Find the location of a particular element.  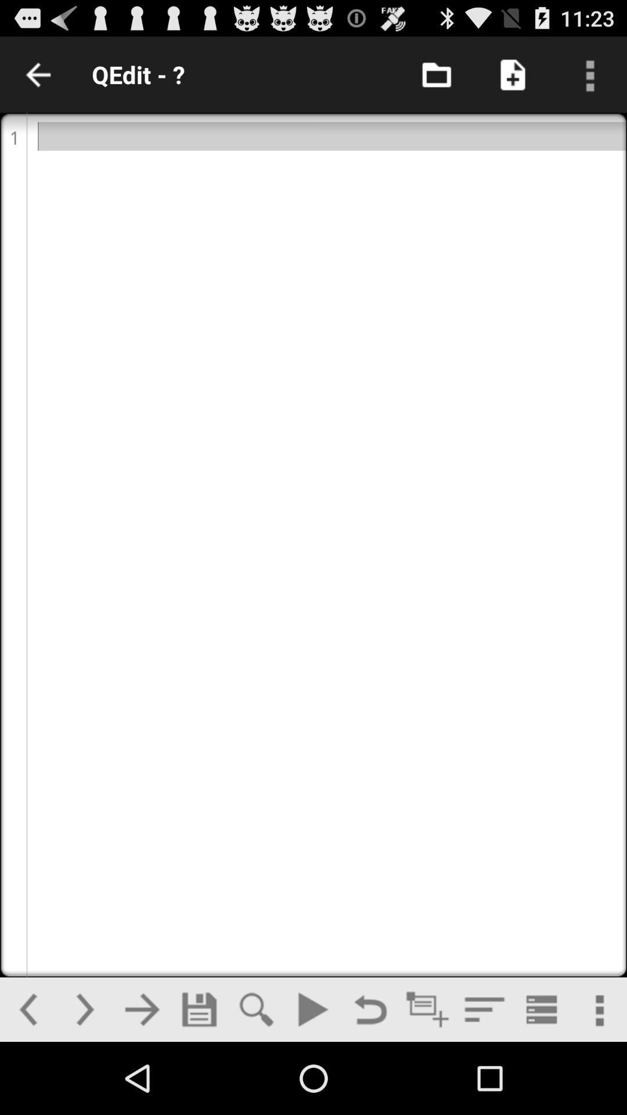

the save icon is located at coordinates (199, 1080).